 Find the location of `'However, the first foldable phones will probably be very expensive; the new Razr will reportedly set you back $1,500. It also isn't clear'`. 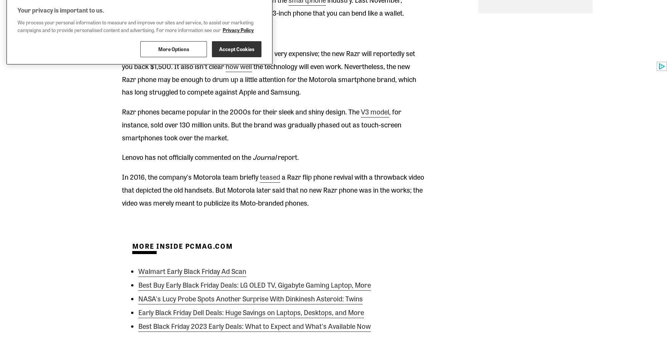

'However, the first foldable phones will probably be very expensive; the new Razr will reportedly set you back $1,500. It also isn't clear' is located at coordinates (268, 59).